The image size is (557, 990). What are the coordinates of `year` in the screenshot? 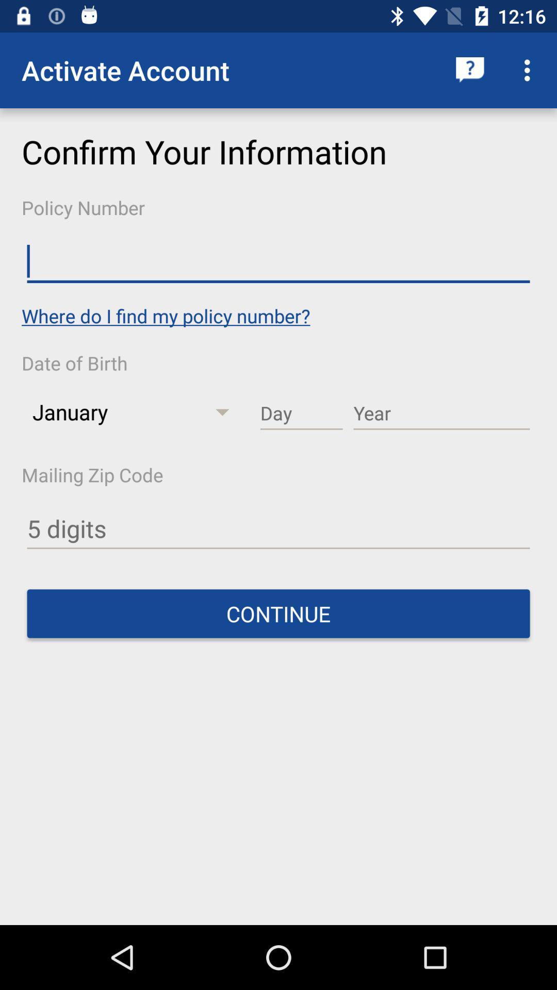 It's located at (441, 414).